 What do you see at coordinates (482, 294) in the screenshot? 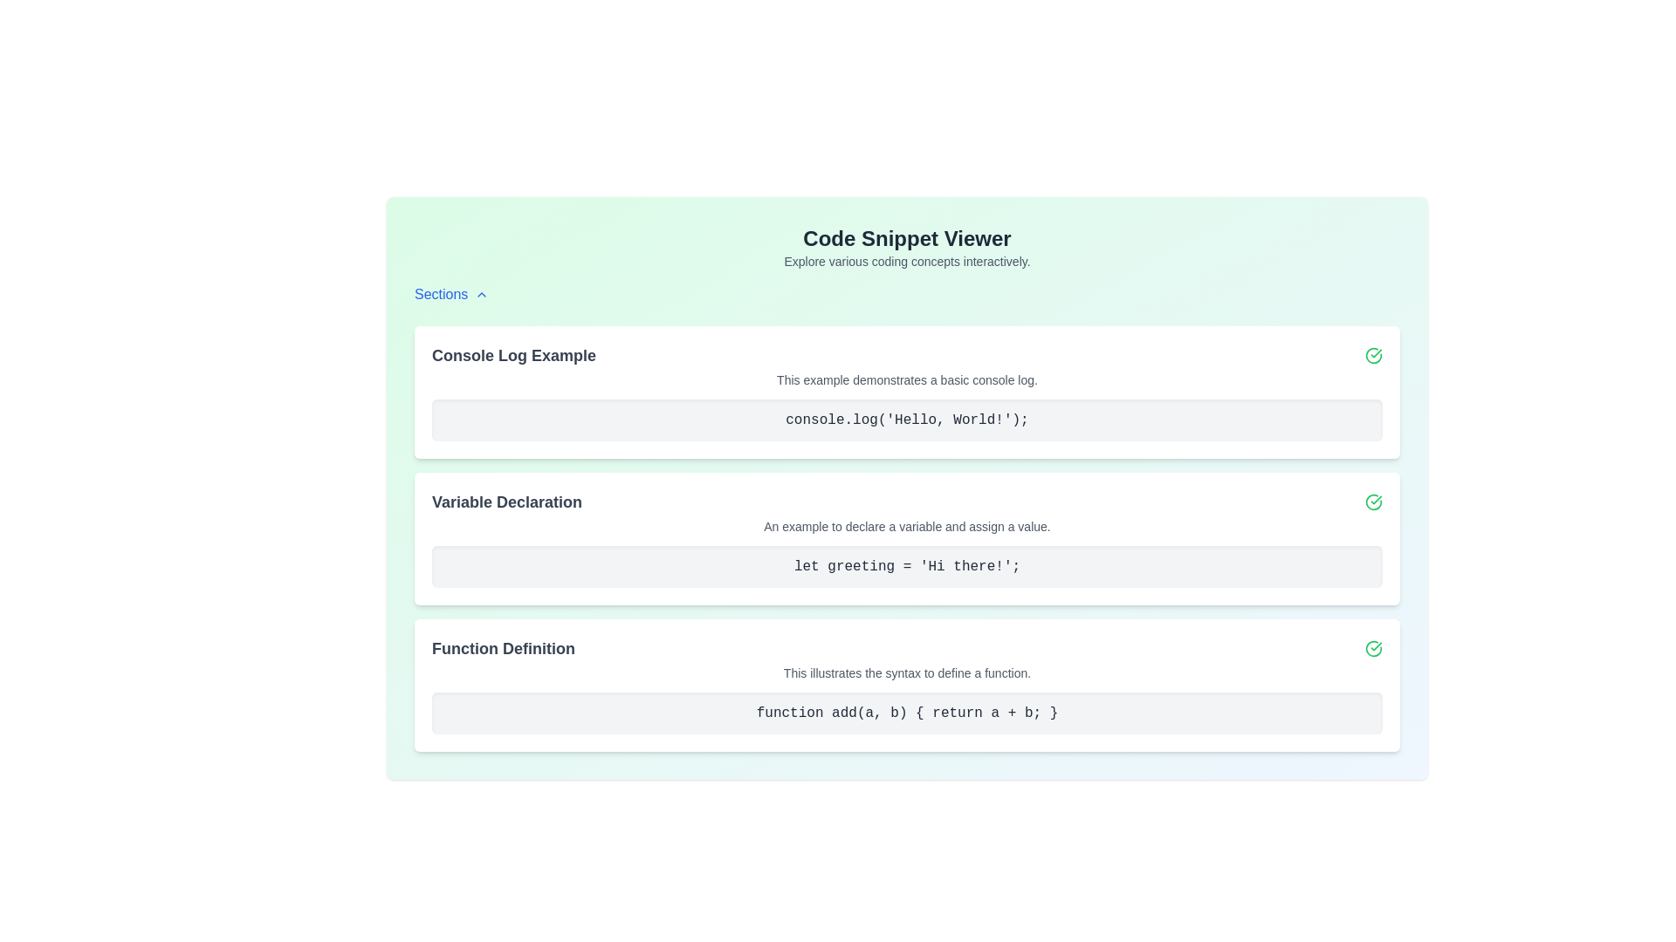
I see `the small upward-facing chevron icon, which is located to the right of the 'Sections' label in the header section` at bounding box center [482, 294].